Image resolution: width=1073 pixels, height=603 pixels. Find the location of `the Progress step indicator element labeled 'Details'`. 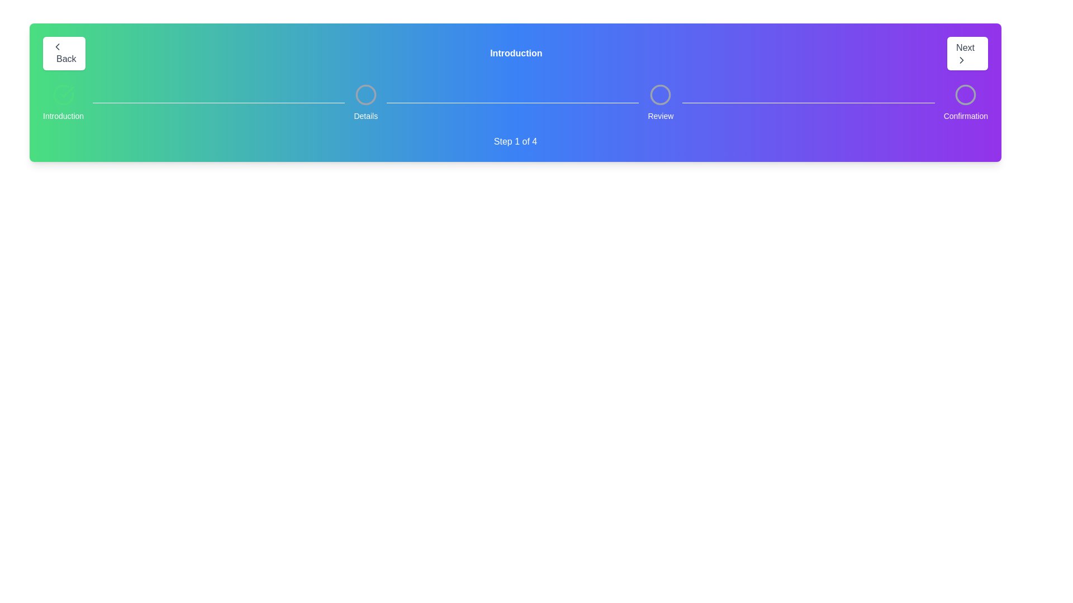

the Progress step indicator element labeled 'Details' is located at coordinates (365, 103).